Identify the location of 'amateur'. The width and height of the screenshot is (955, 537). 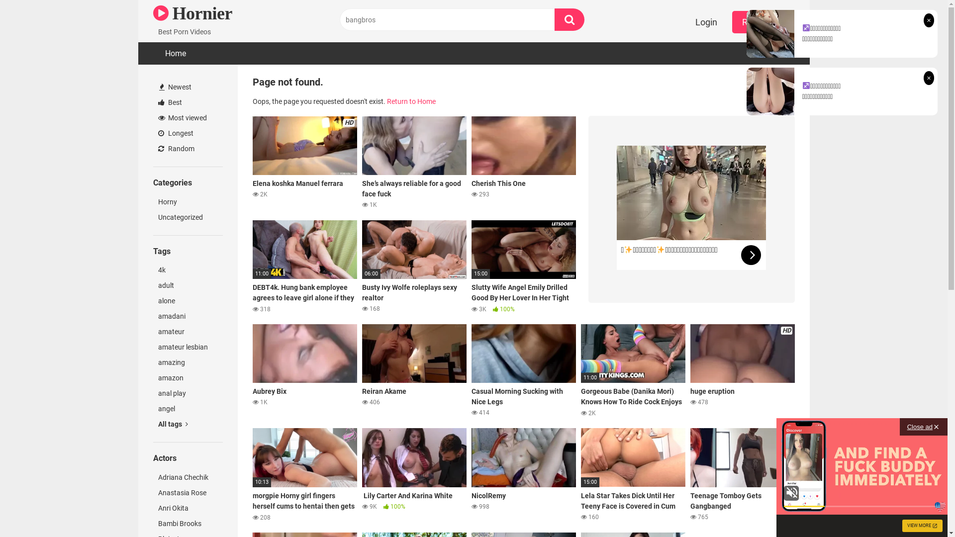
(188, 332).